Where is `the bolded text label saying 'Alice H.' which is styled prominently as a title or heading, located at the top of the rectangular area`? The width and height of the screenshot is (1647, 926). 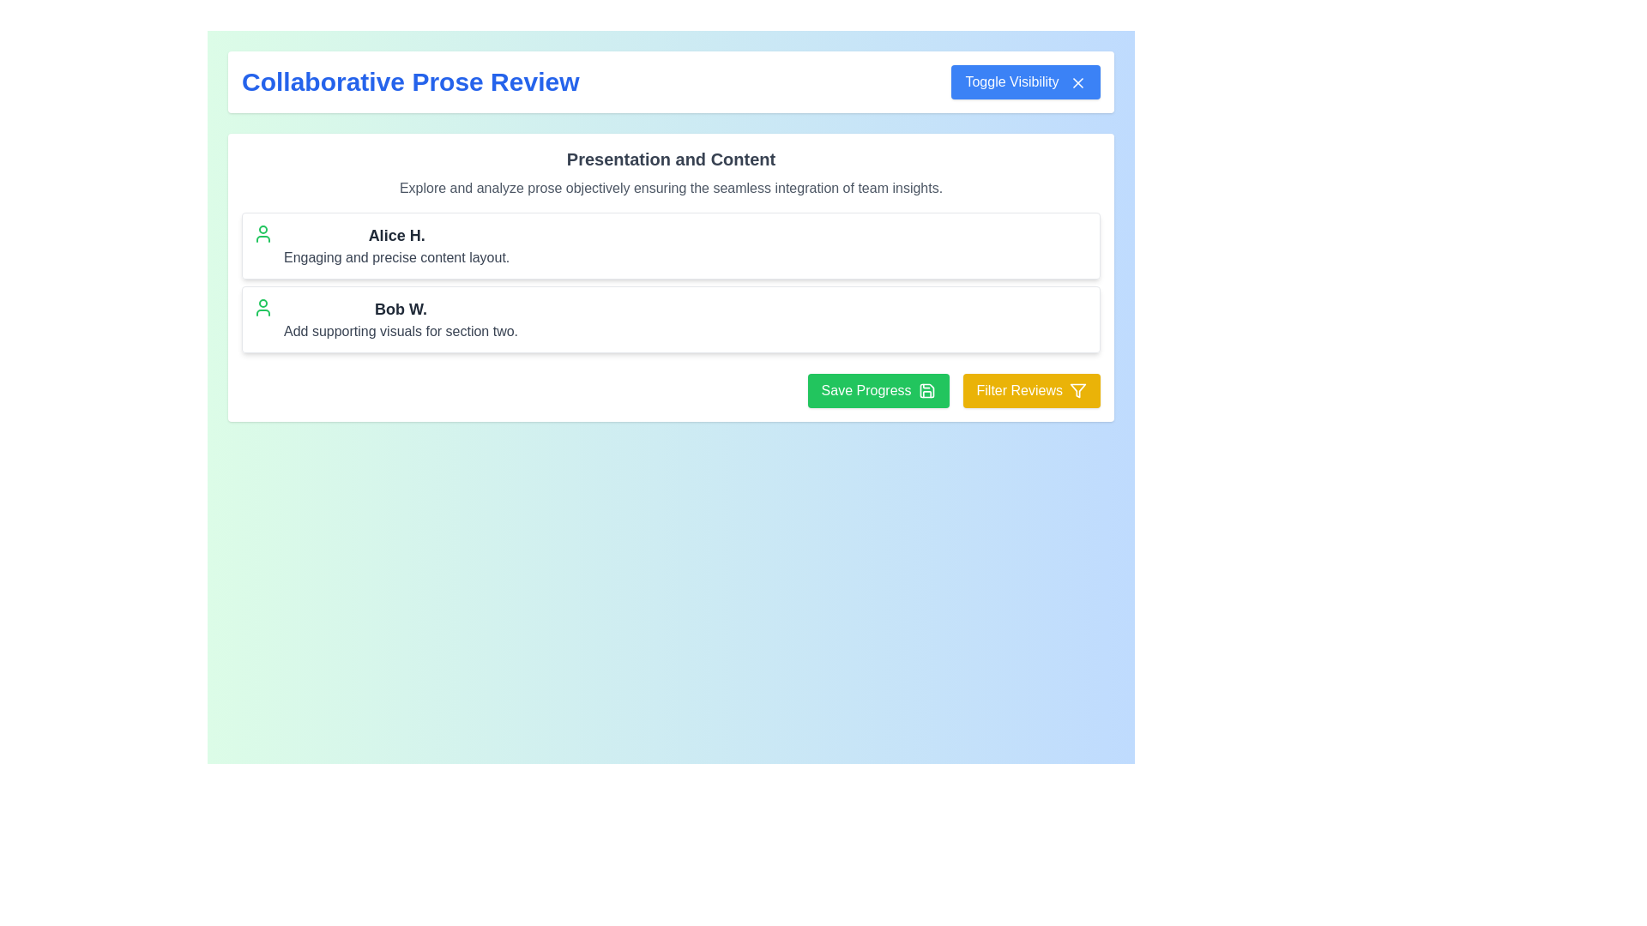
the bolded text label saying 'Alice H.' which is styled prominently as a title or heading, located at the top of the rectangular area is located at coordinates (395, 235).